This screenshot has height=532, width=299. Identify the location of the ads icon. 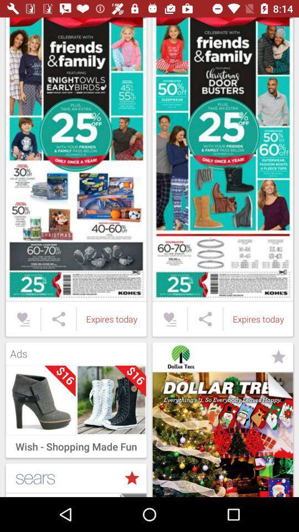
(75, 350).